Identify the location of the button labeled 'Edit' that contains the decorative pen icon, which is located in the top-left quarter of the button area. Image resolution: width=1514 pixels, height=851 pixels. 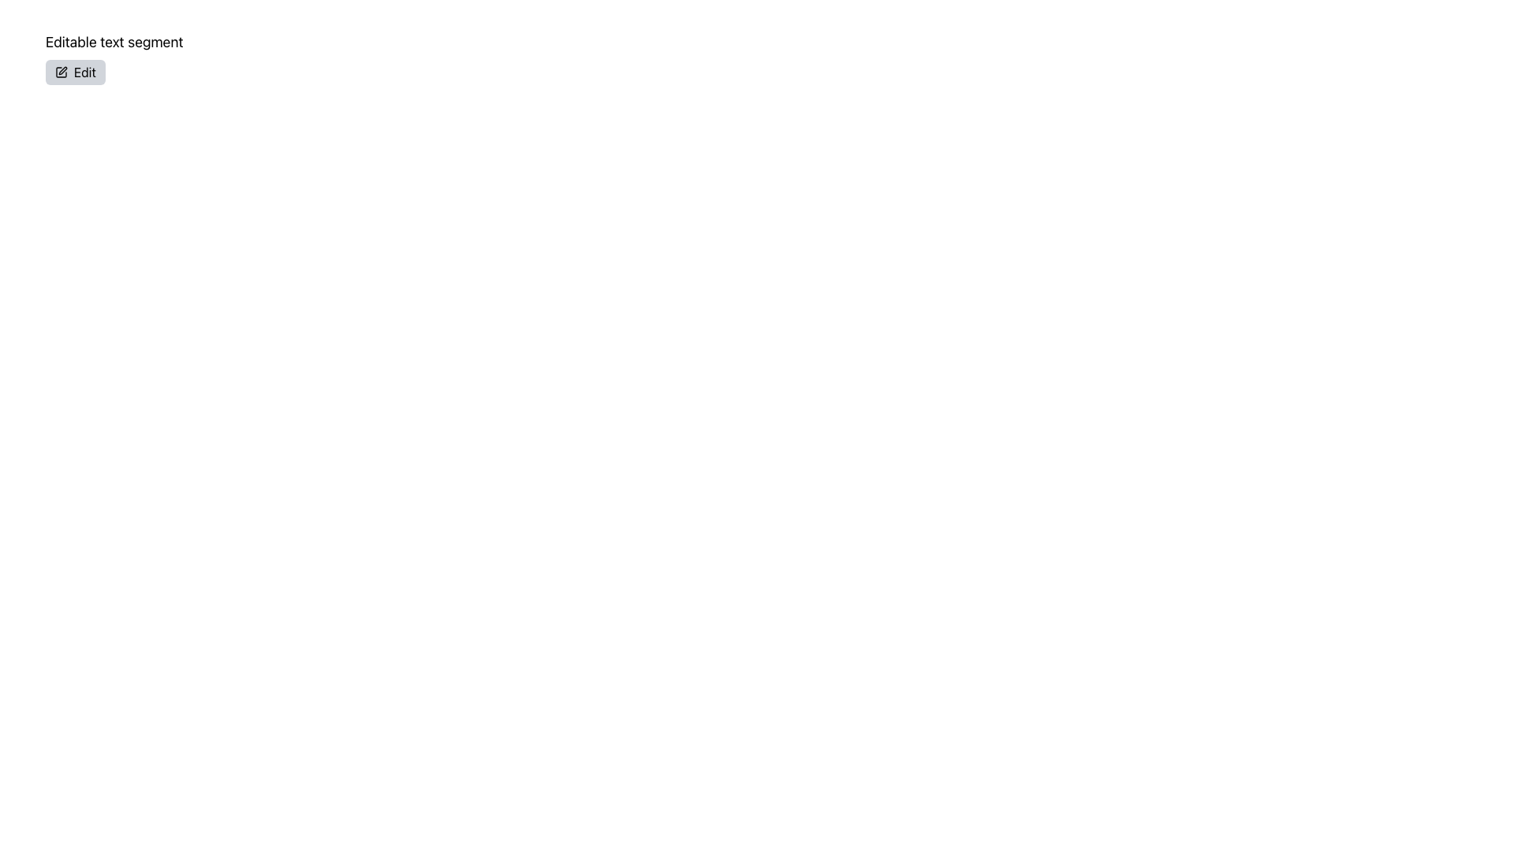
(63, 69).